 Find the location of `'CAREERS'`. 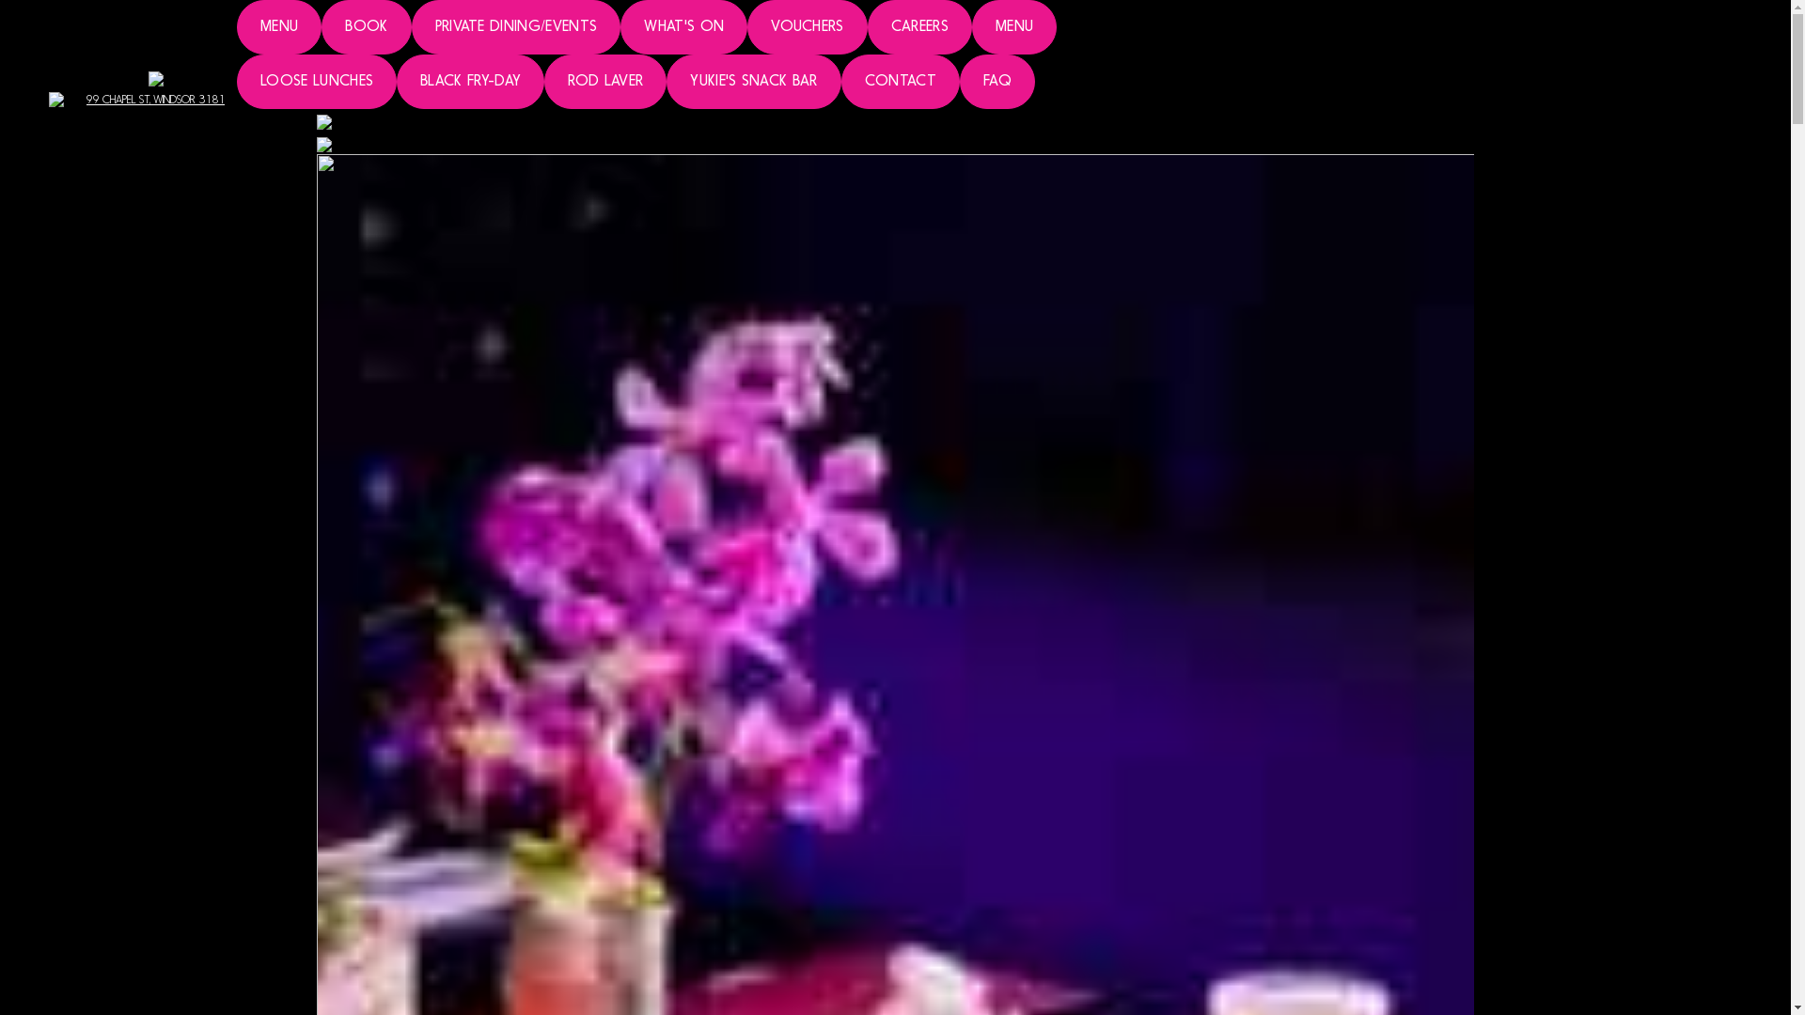

'CAREERS' is located at coordinates (866, 27).